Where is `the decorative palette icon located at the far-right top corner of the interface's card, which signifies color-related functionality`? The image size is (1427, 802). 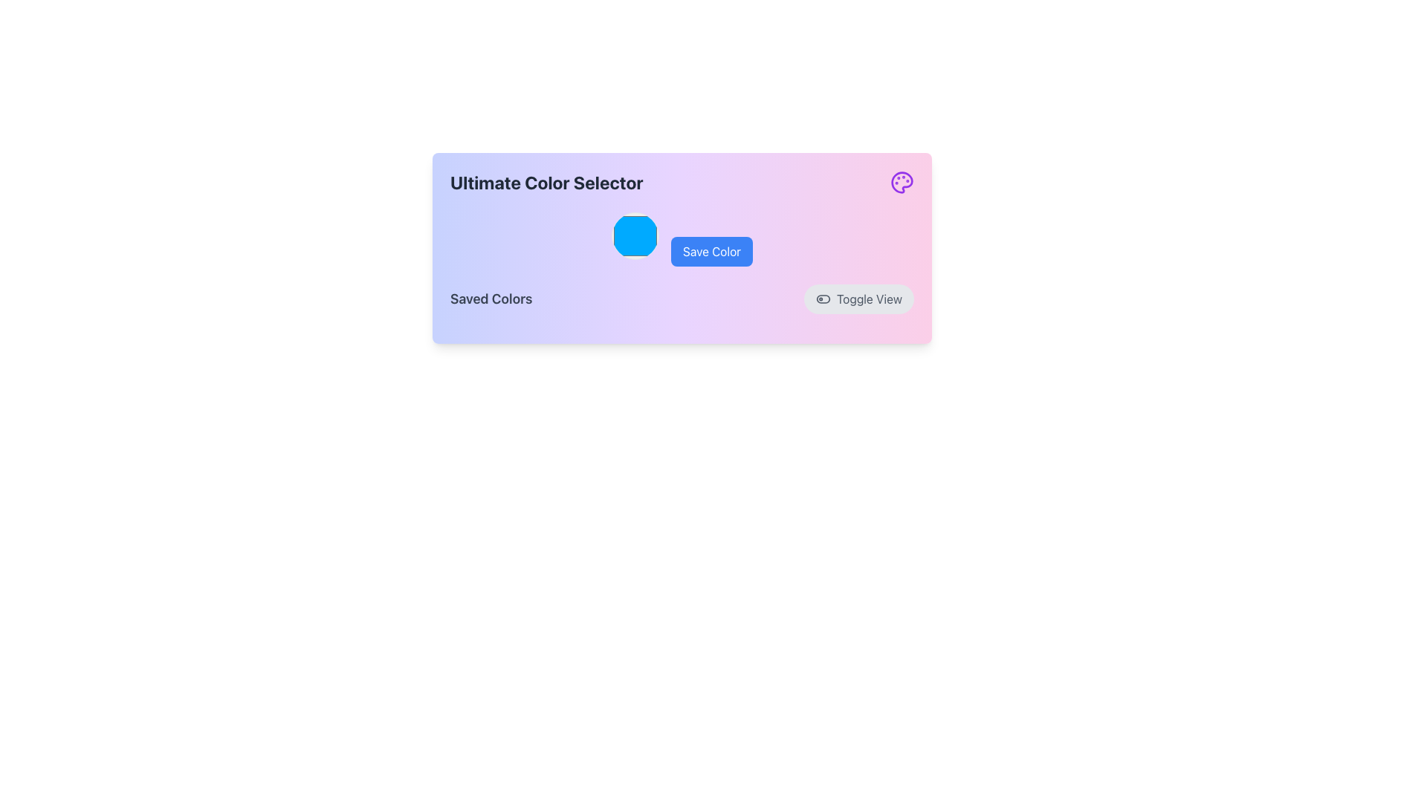 the decorative palette icon located at the far-right top corner of the interface's card, which signifies color-related functionality is located at coordinates (902, 182).